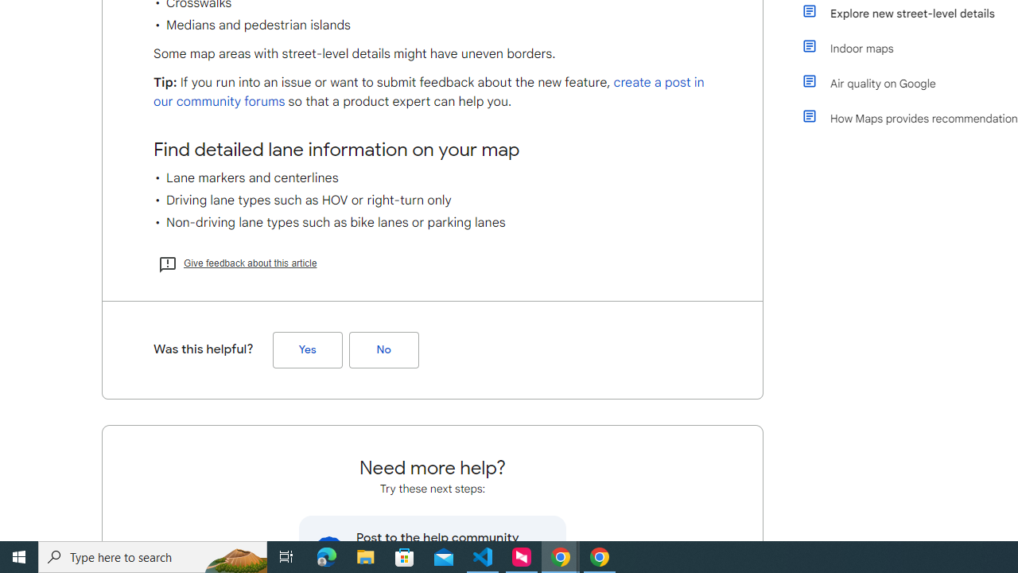 Image resolution: width=1018 pixels, height=573 pixels. I want to click on 'Give feedback about this article', so click(236, 262).